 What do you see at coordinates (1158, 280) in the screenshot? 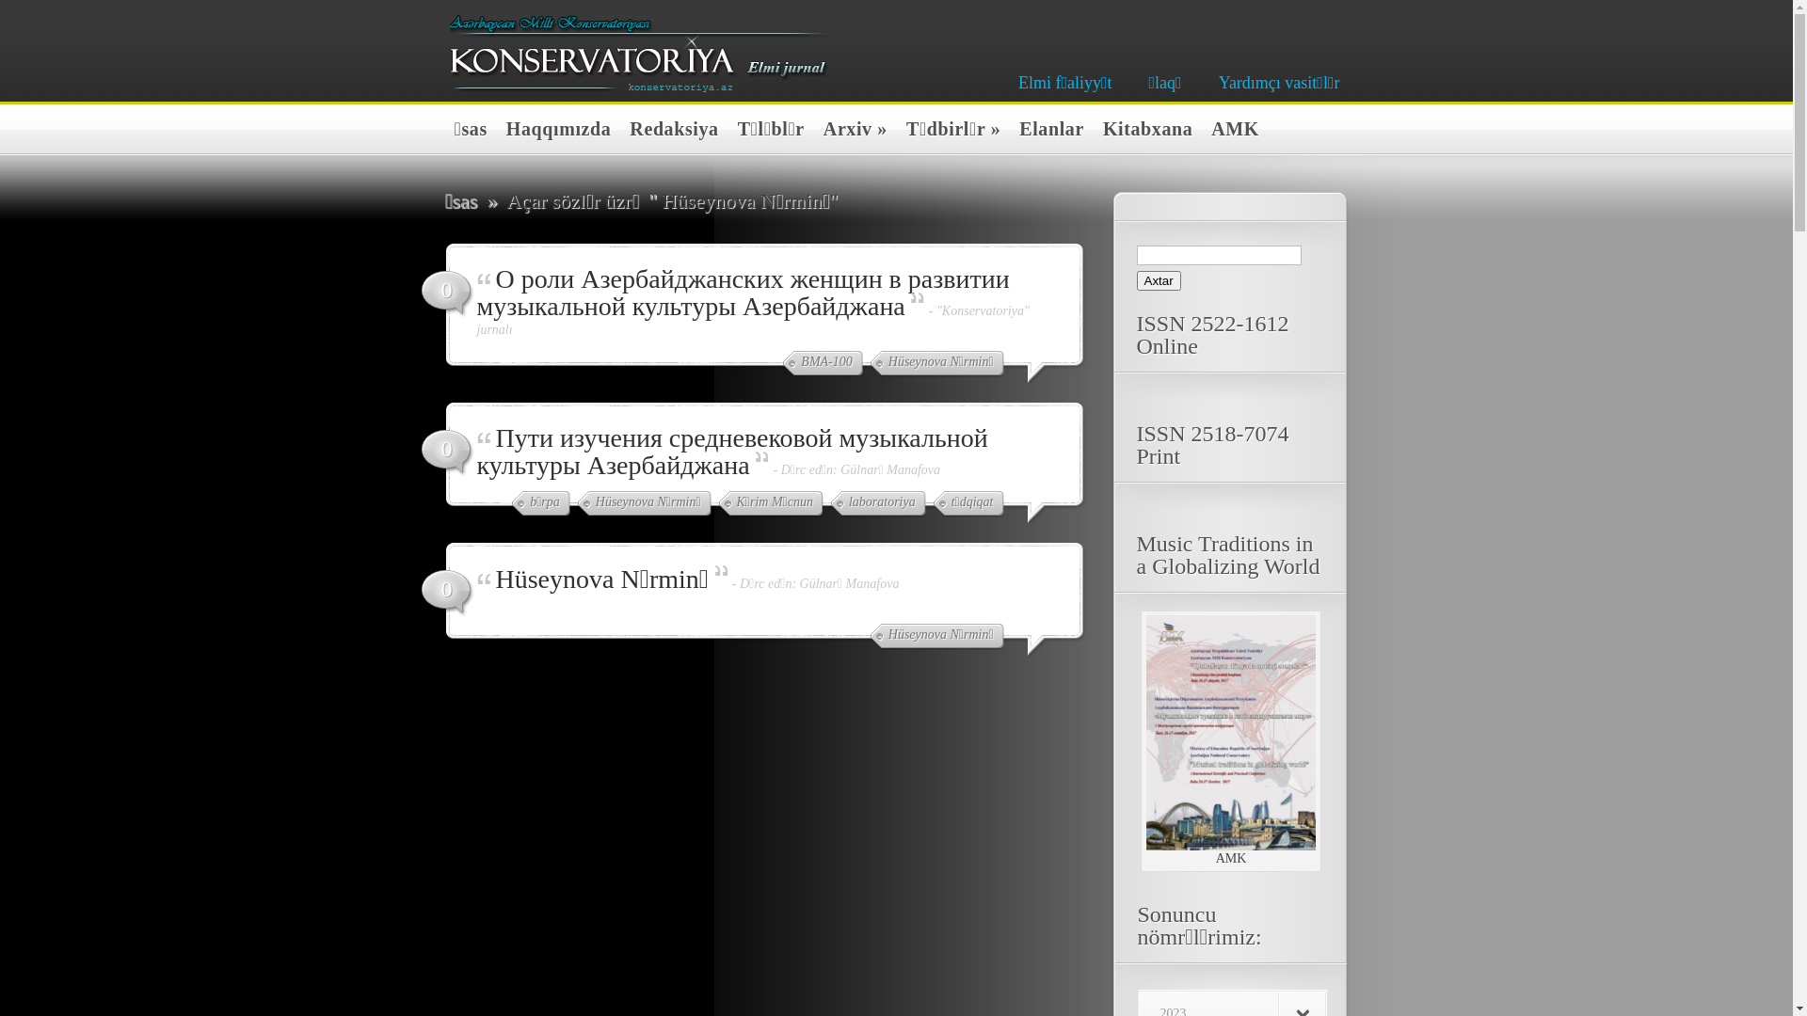
I see `'Axtar'` at bounding box center [1158, 280].